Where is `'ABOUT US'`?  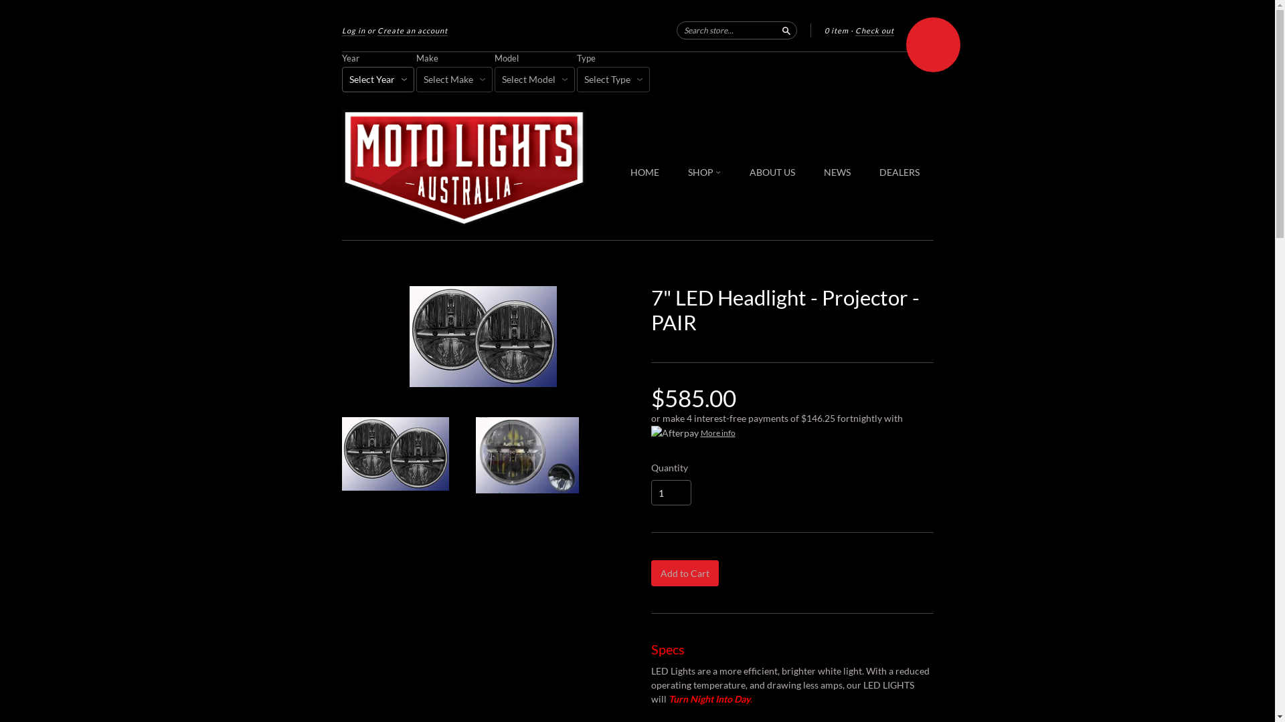
'ABOUT US' is located at coordinates (772, 171).